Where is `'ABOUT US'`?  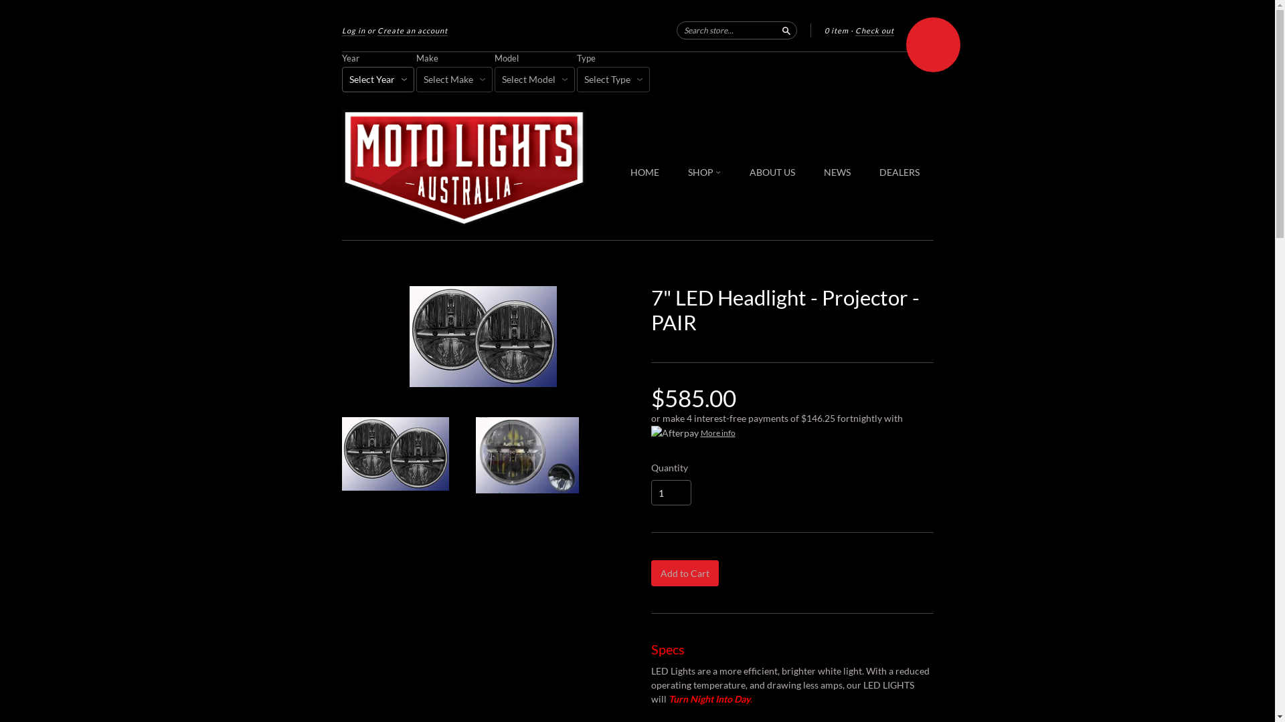
'ABOUT US' is located at coordinates (772, 171).